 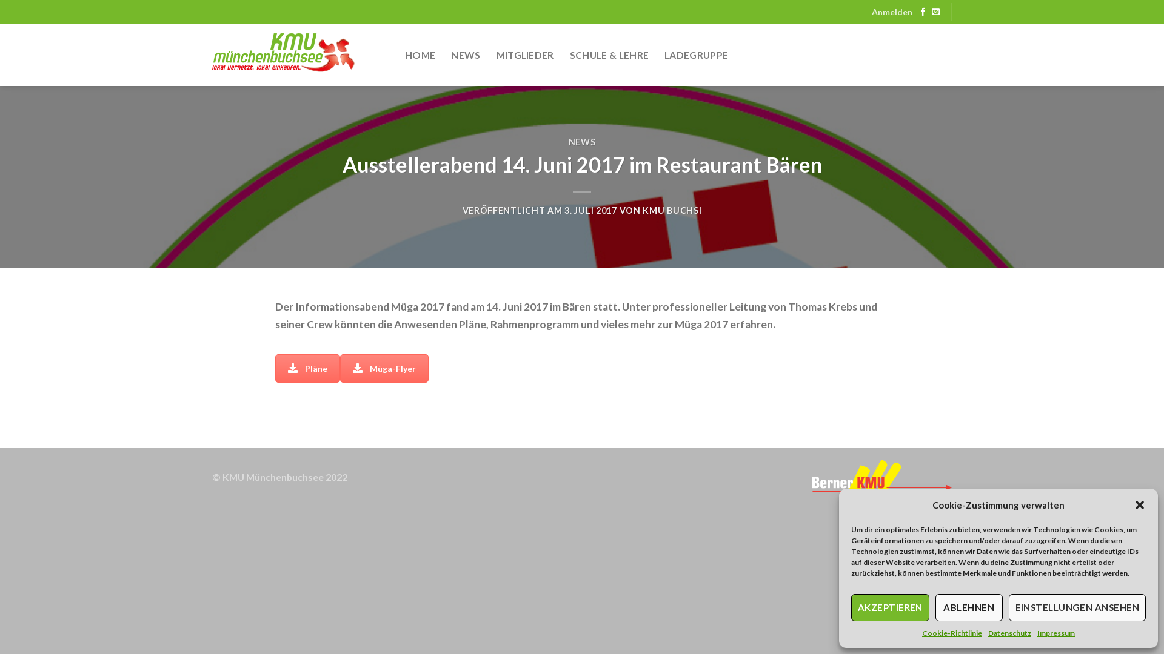 I want to click on 'Impressum', so click(x=1036, y=632).